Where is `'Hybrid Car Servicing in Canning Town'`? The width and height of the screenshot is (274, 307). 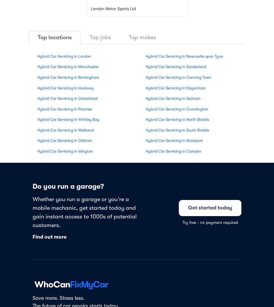
'Hybrid Car Servicing in Canning Town' is located at coordinates (146, 77).